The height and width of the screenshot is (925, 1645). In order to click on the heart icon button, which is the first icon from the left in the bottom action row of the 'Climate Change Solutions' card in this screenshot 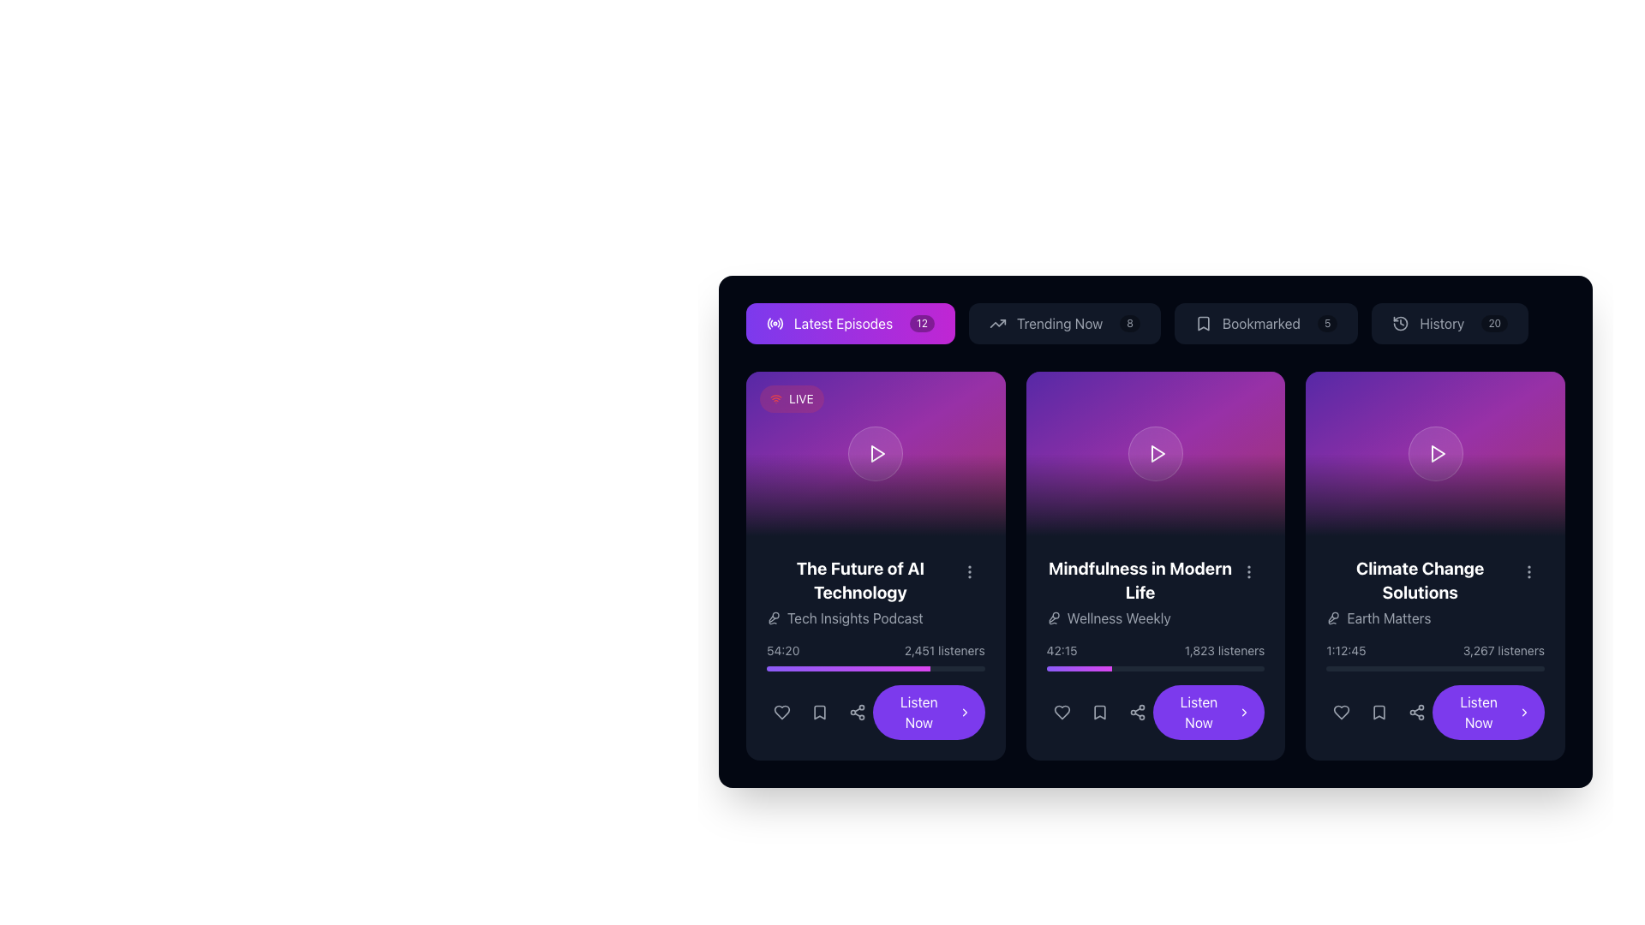, I will do `click(1341, 713)`.